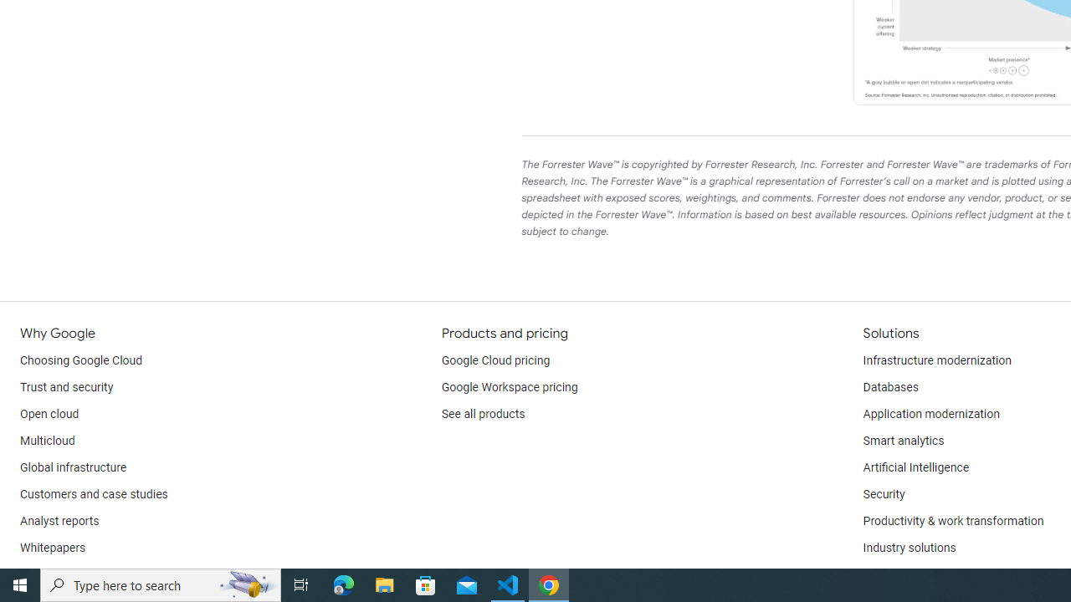 Image resolution: width=1071 pixels, height=602 pixels. I want to click on 'Databases', so click(889, 388).